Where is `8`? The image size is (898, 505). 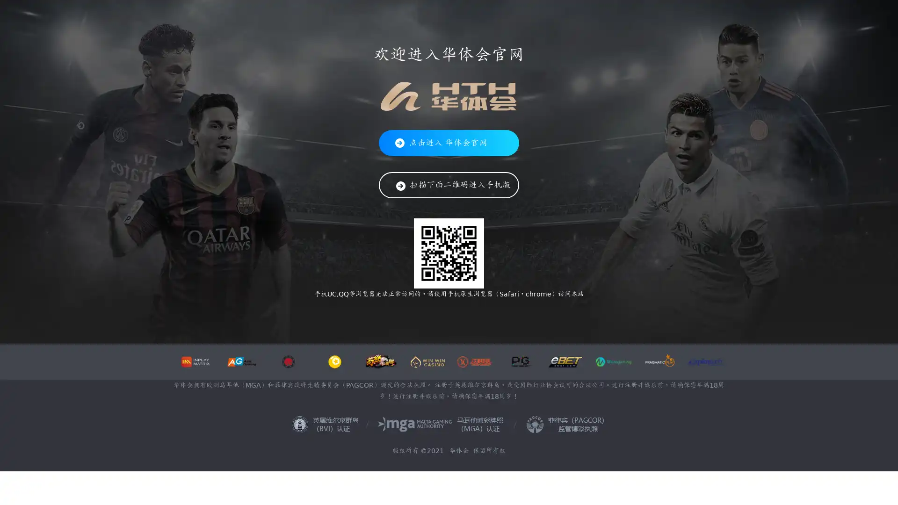
8 is located at coordinates (430, 311).